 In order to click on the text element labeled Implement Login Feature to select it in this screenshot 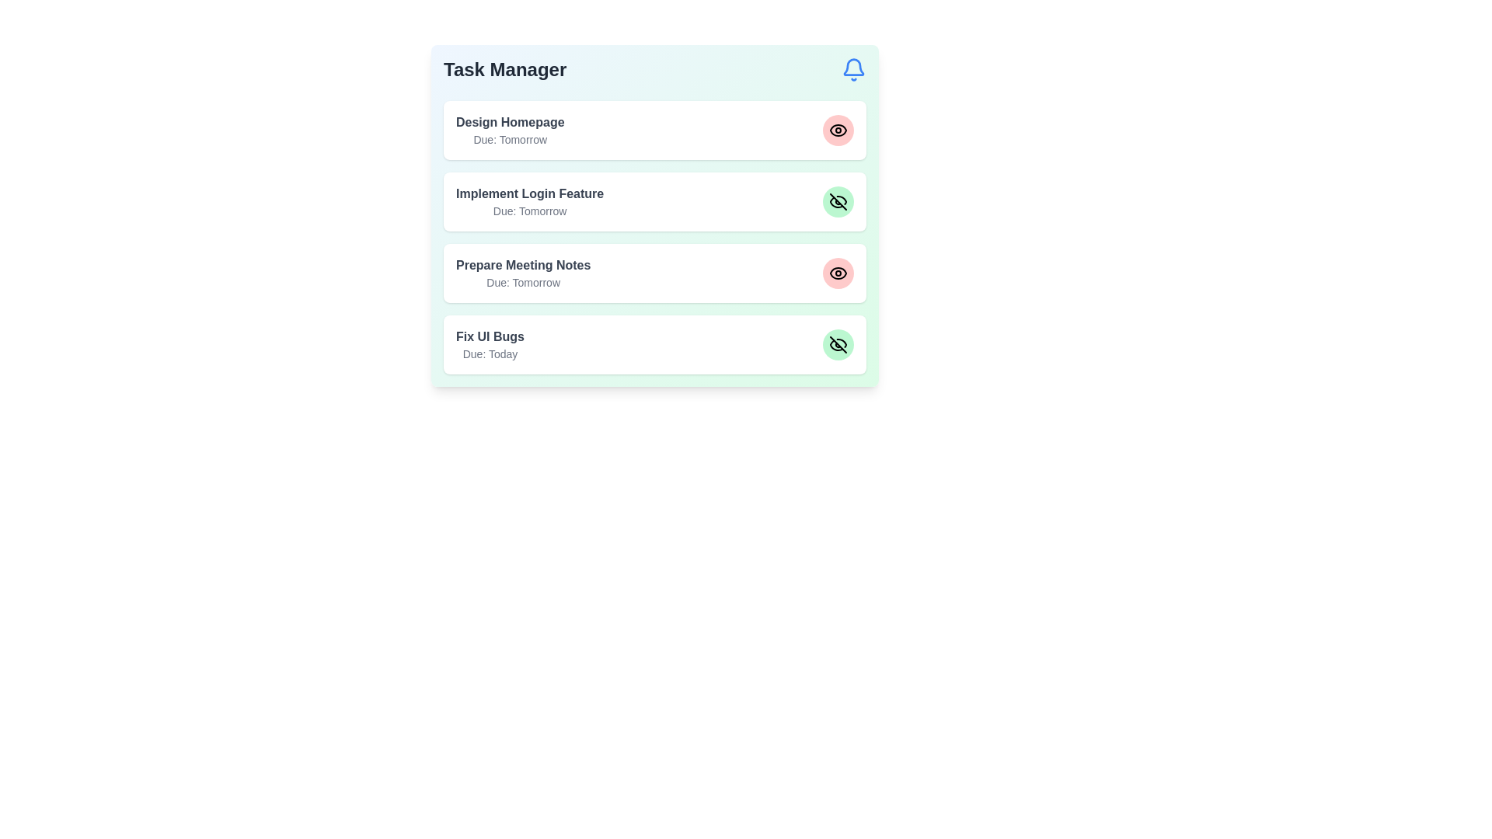, I will do `click(530, 193)`.